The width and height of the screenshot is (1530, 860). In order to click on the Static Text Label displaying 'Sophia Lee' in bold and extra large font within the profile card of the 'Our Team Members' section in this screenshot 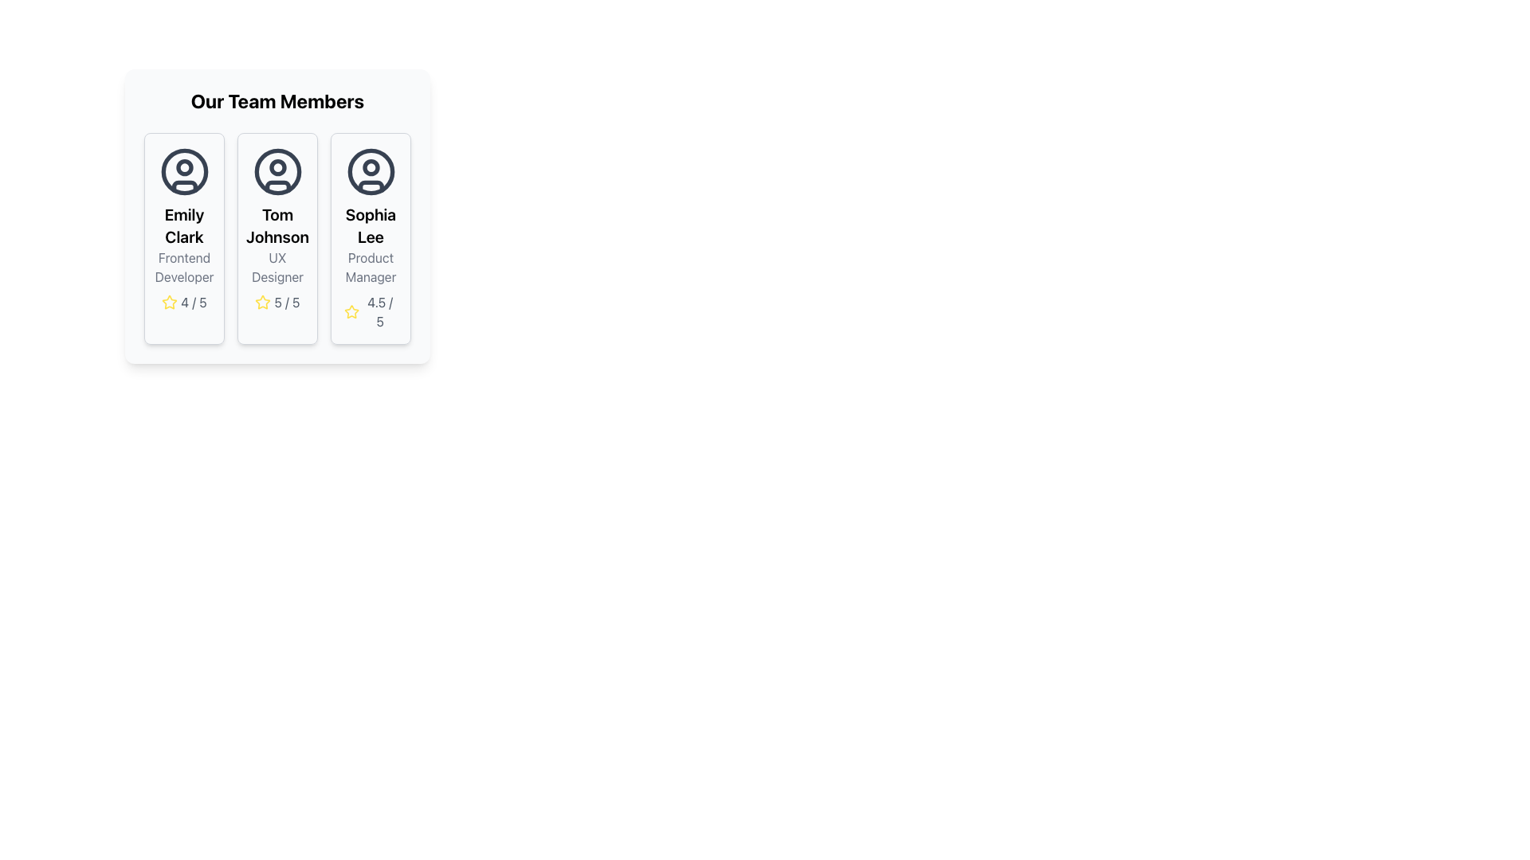, I will do `click(370, 226)`.